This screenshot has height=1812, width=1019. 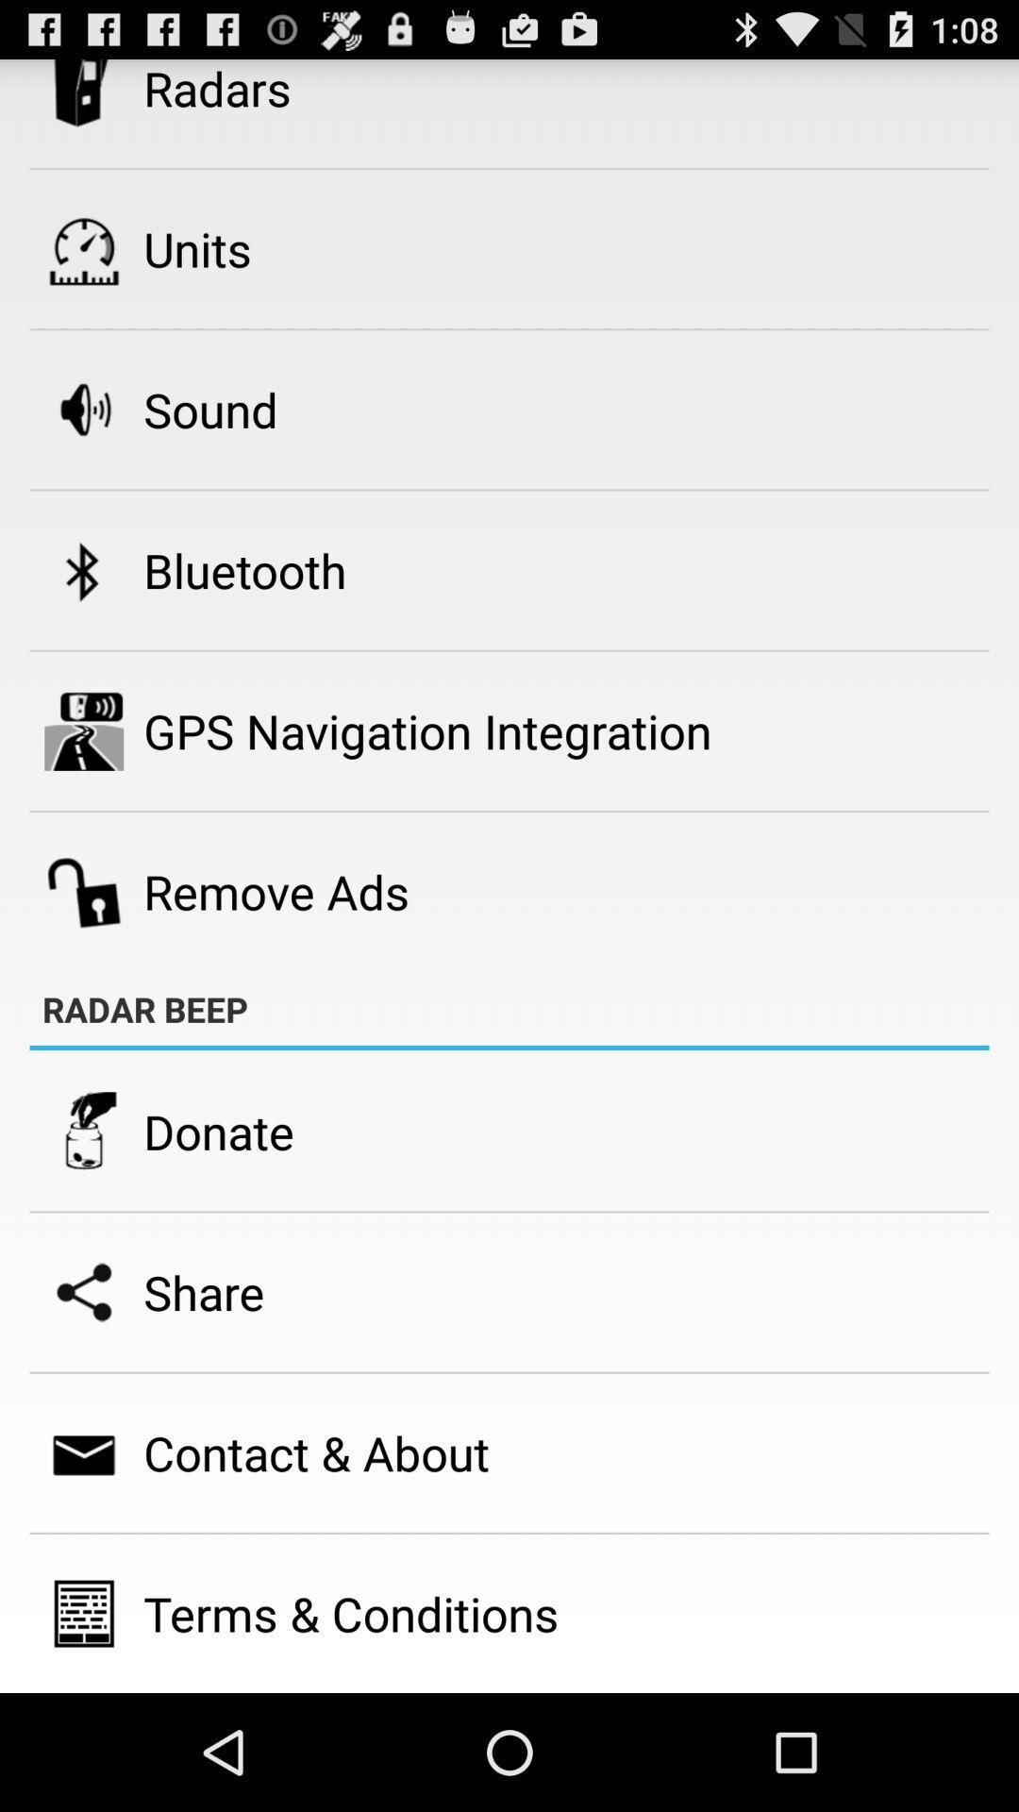 What do you see at coordinates (204, 1291) in the screenshot?
I see `the icon below donate` at bounding box center [204, 1291].